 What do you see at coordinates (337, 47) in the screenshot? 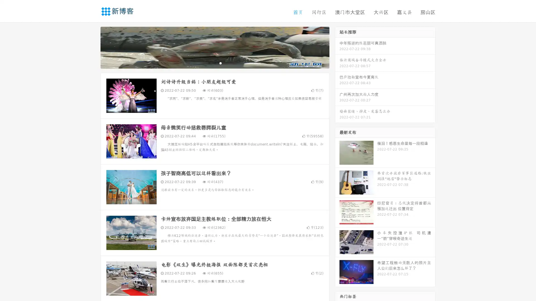
I see `Next slide` at bounding box center [337, 47].